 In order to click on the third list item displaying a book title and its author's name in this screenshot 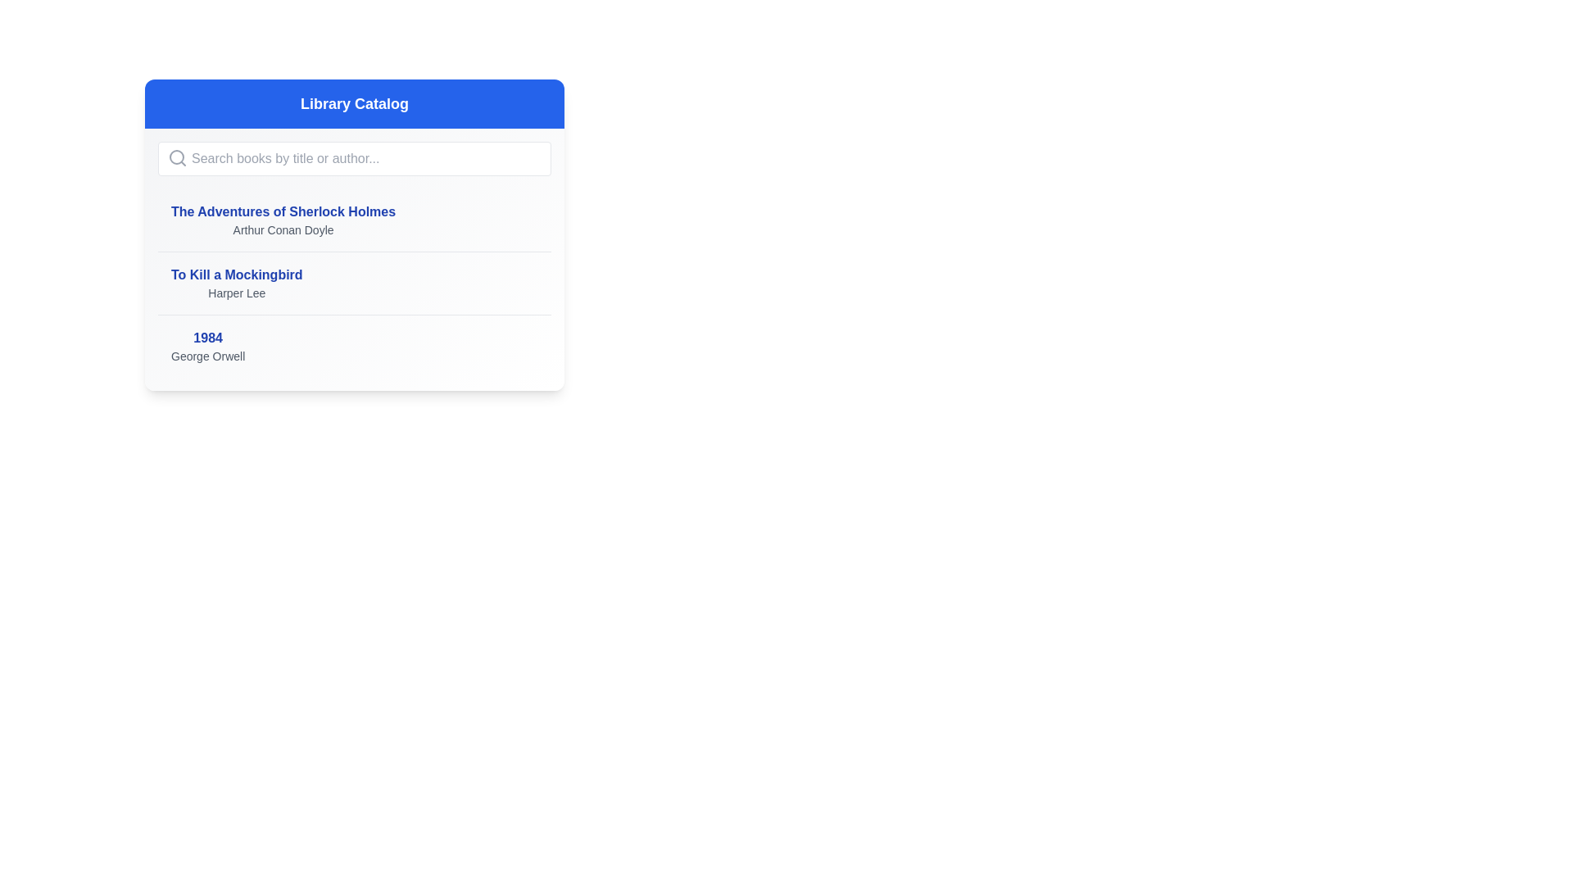, I will do `click(353, 345)`.